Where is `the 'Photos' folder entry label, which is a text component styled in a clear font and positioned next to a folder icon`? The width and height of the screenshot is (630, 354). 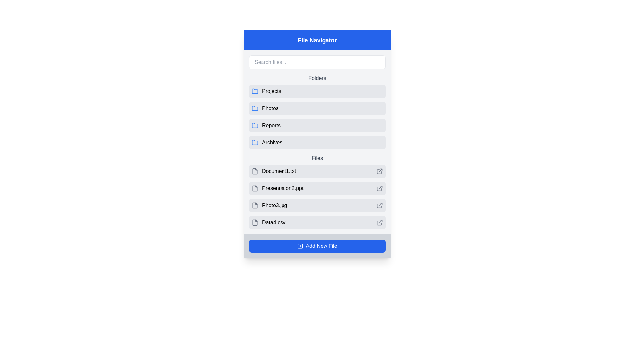
the 'Photos' folder entry label, which is a text component styled in a clear font and positioned next to a folder icon is located at coordinates (270, 108).